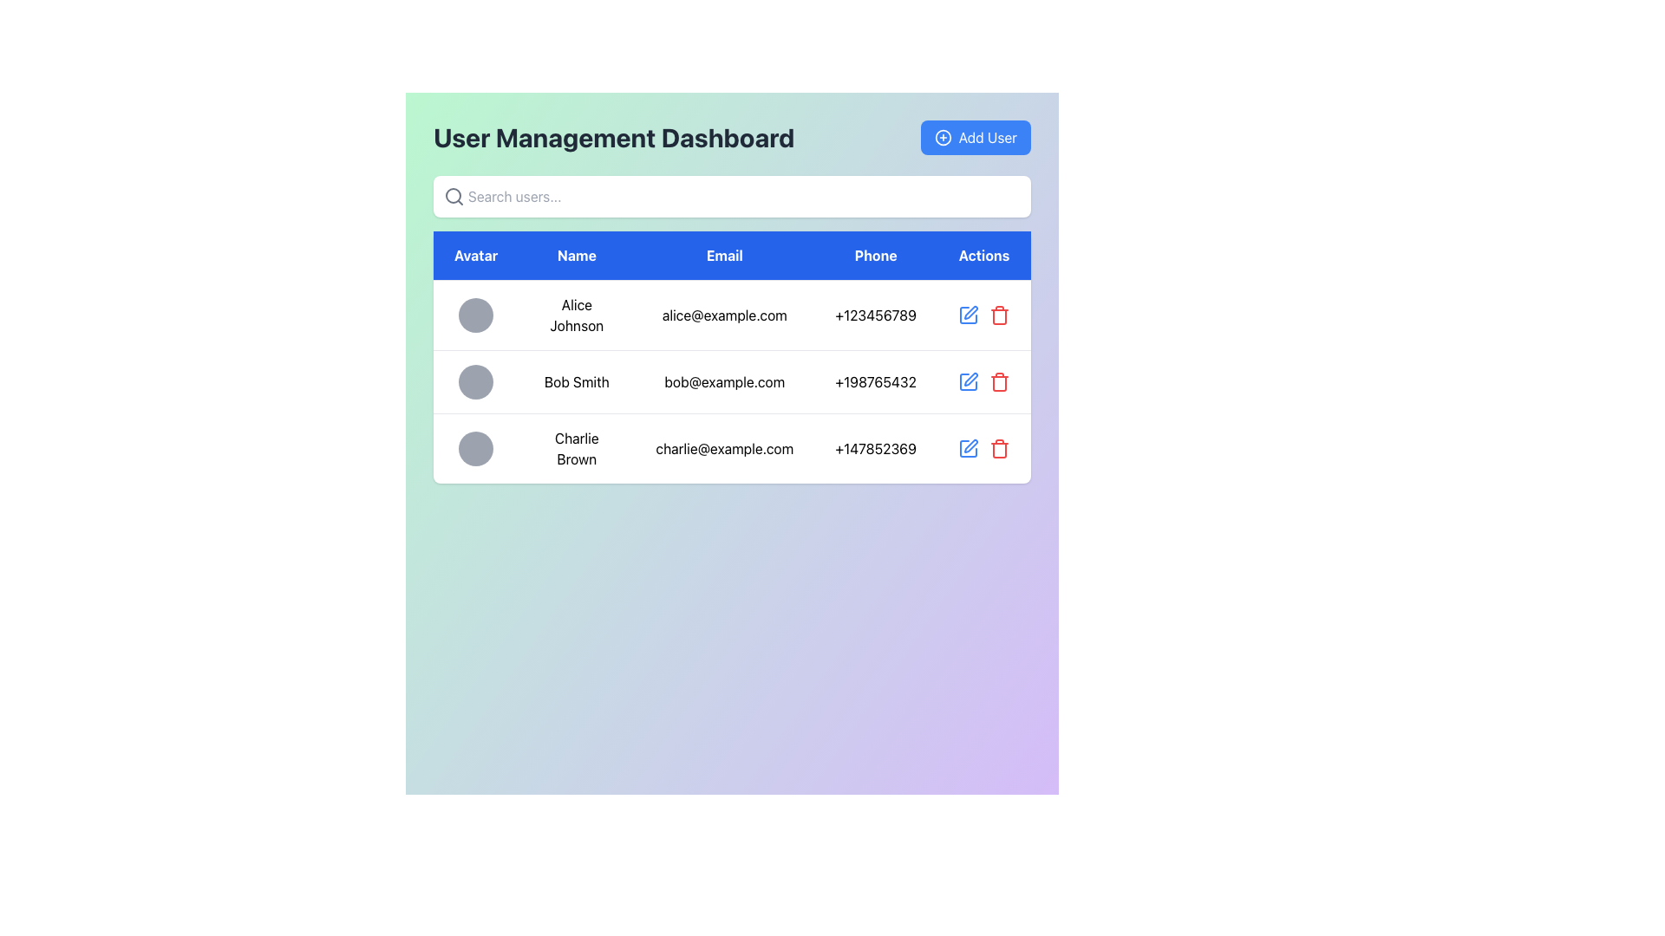  Describe the element at coordinates (732, 315) in the screenshot. I see `the email address 'alice@example.com' in the first row of the user data table to copy it` at that location.